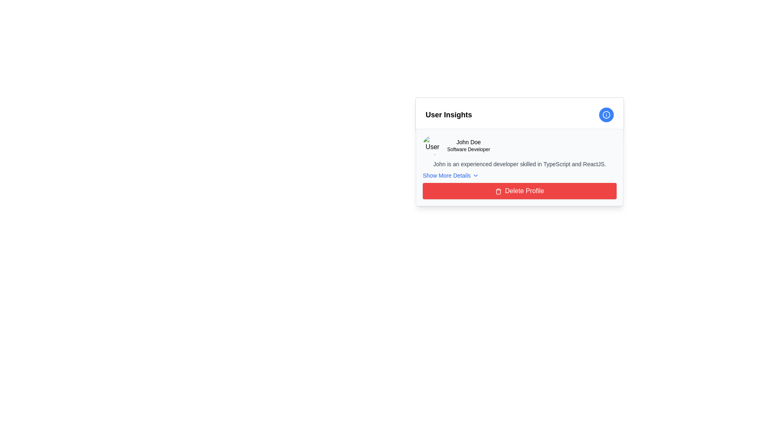 Image resolution: width=782 pixels, height=440 pixels. What do you see at coordinates (498, 191) in the screenshot?
I see `the trash can icon within the 'Delete Profile' button, which features a red background and white text, indicating deletion functionality` at bounding box center [498, 191].